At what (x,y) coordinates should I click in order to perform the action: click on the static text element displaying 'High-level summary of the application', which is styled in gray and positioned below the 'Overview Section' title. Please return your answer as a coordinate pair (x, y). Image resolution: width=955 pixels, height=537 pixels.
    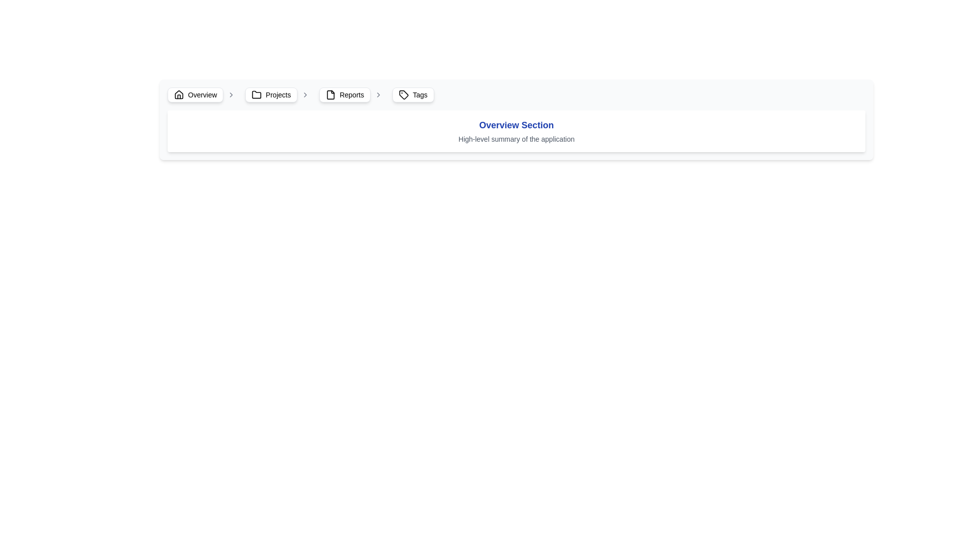
    Looking at the image, I should click on (516, 139).